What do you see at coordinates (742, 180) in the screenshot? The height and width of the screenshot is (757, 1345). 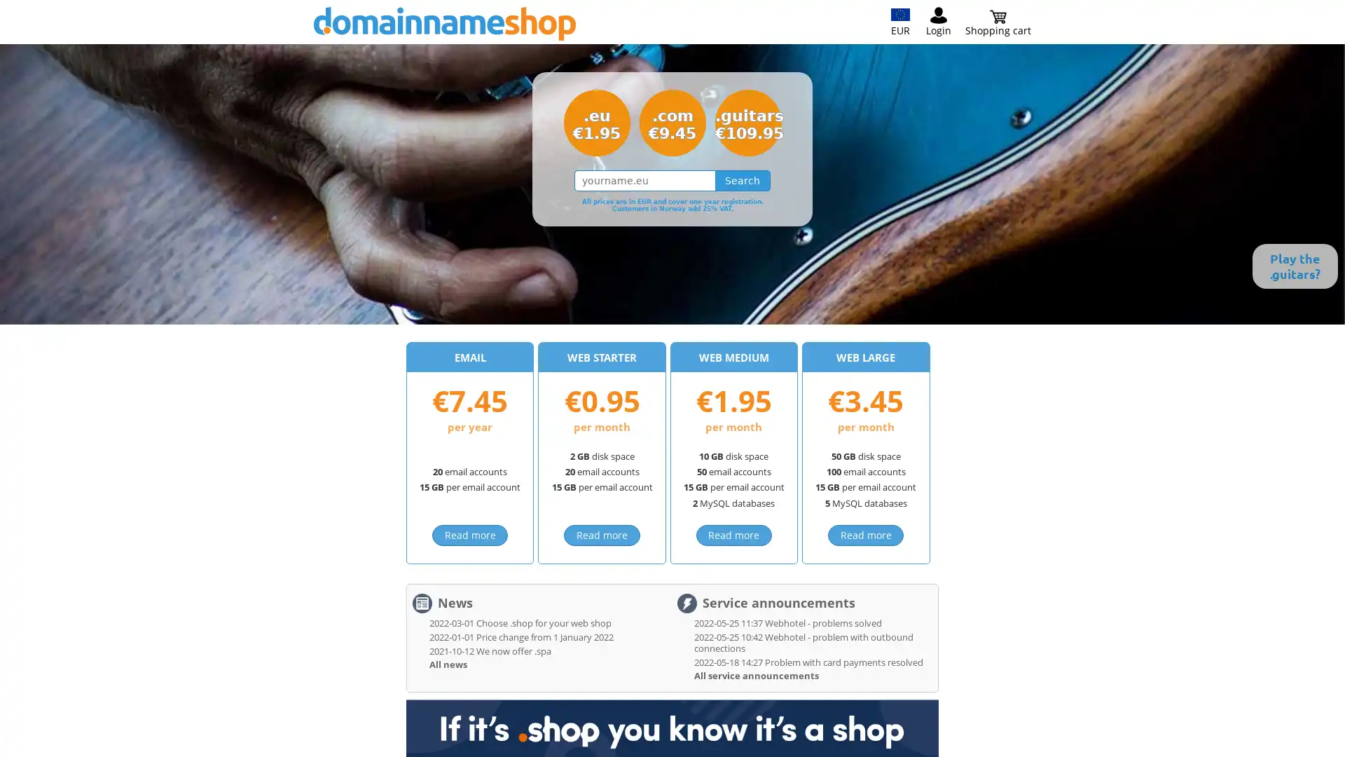 I see `Search` at bounding box center [742, 180].